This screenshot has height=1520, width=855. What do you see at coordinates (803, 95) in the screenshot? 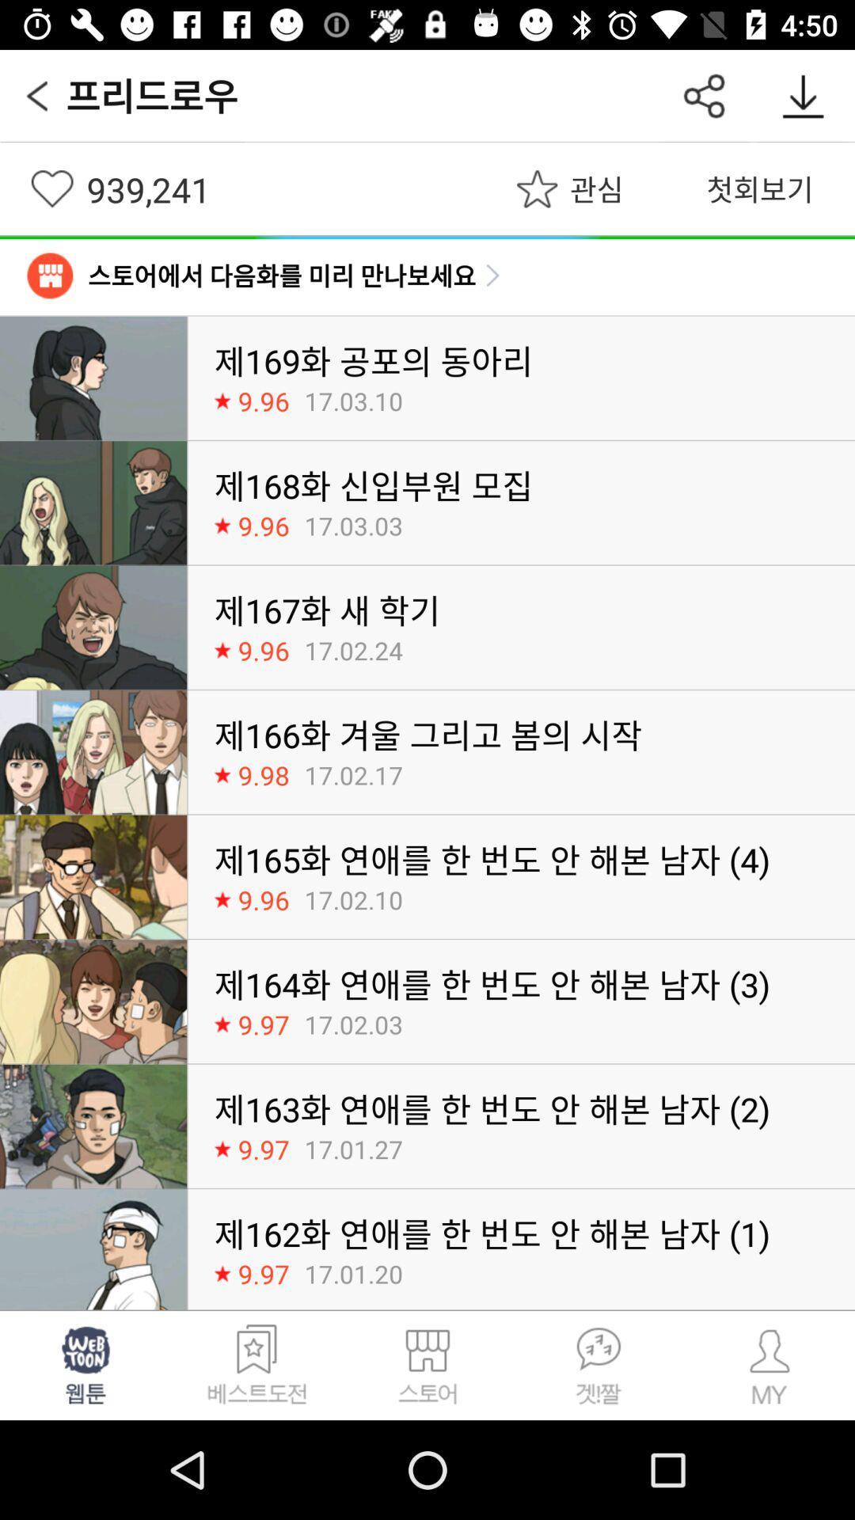
I see `the download icon at the extreme top right corner of the page` at bounding box center [803, 95].